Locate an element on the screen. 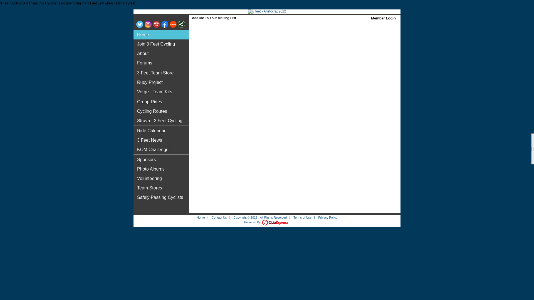 The height and width of the screenshot is (300, 534). 'About' is located at coordinates (161, 53).